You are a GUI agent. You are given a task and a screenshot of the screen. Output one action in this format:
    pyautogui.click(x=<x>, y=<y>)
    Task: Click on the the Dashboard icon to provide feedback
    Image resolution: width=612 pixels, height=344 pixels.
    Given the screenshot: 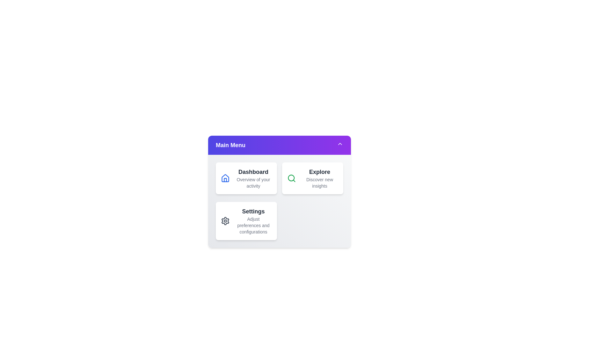 What is the action you would take?
    pyautogui.click(x=225, y=178)
    